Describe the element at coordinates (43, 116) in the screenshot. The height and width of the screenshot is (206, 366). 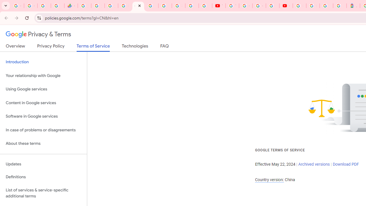
I see `'Software in Google services'` at that location.